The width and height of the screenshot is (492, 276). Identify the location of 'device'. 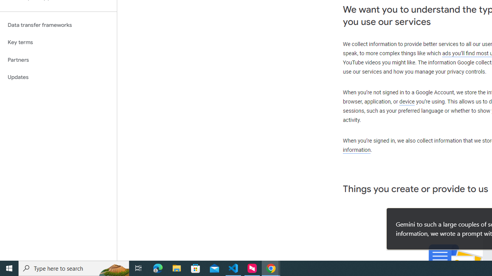
(407, 101).